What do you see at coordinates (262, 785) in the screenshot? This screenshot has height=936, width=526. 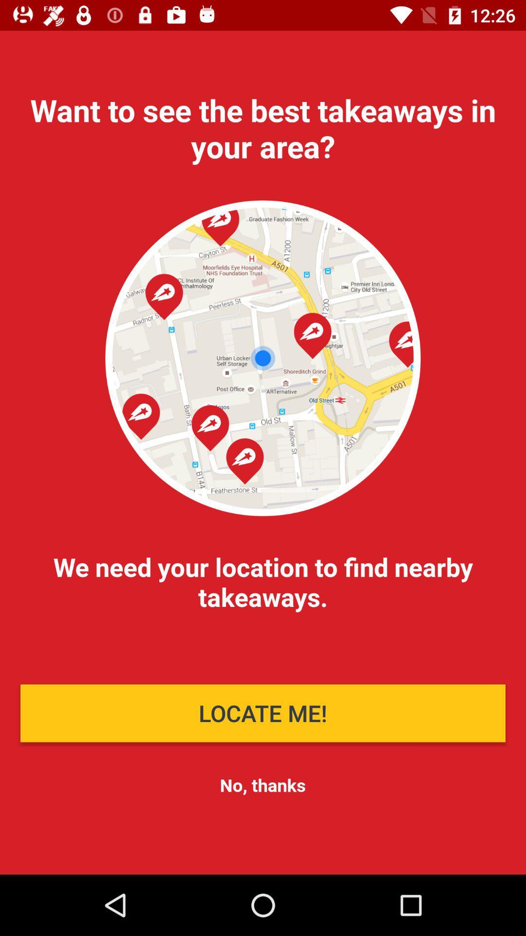 I see `no, thanks item` at bounding box center [262, 785].